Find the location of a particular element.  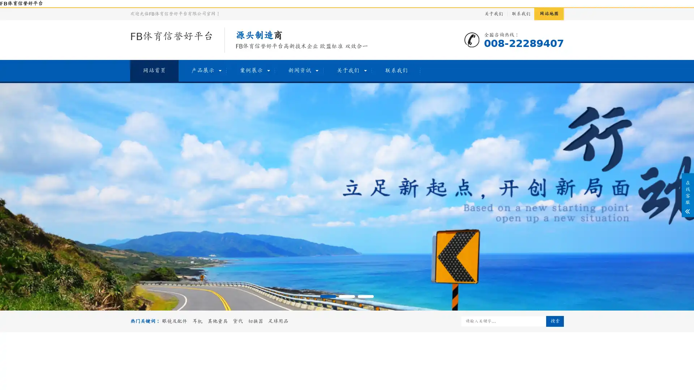

Go to slide 3 is located at coordinates (366, 296).